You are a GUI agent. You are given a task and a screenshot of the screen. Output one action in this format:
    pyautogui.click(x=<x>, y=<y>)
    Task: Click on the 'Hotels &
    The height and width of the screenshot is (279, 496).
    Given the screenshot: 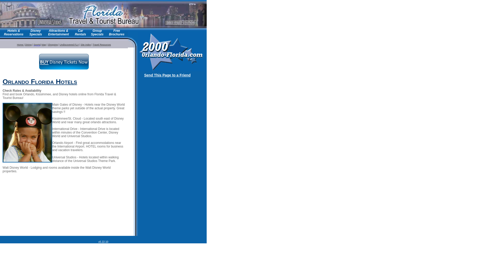 What is the action you would take?
    pyautogui.click(x=13, y=33)
    